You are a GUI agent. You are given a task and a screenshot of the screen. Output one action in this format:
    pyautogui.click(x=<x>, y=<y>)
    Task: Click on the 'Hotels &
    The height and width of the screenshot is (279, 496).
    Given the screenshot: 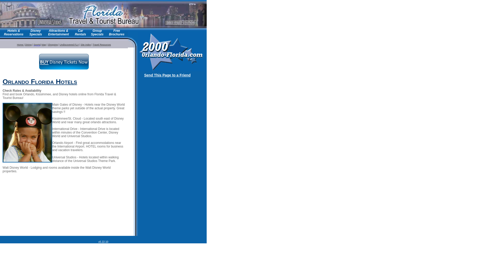 What is the action you would take?
    pyautogui.click(x=13, y=33)
    